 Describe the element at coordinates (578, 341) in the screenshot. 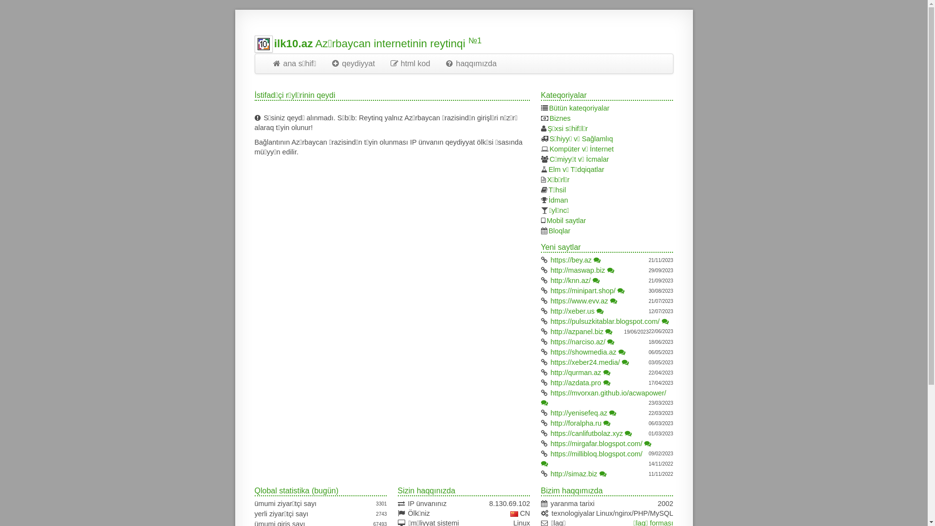

I see `'https://narciso.az/'` at that location.